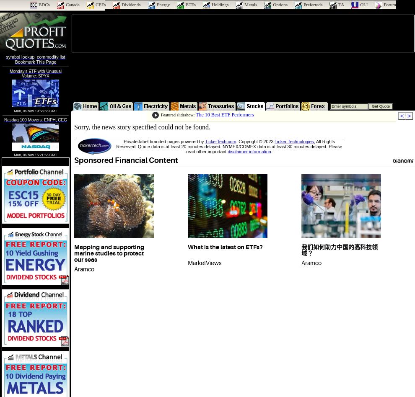  I want to click on 'symbol lookup', so click(5, 57).